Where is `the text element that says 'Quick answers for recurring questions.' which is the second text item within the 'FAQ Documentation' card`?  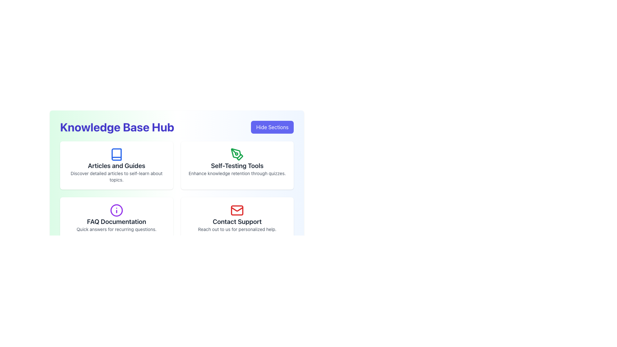
the text element that says 'Quick answers for recurring questions.' which is the second text item within the 'FAQ Documentation' card is located at coordinates (116, 229).